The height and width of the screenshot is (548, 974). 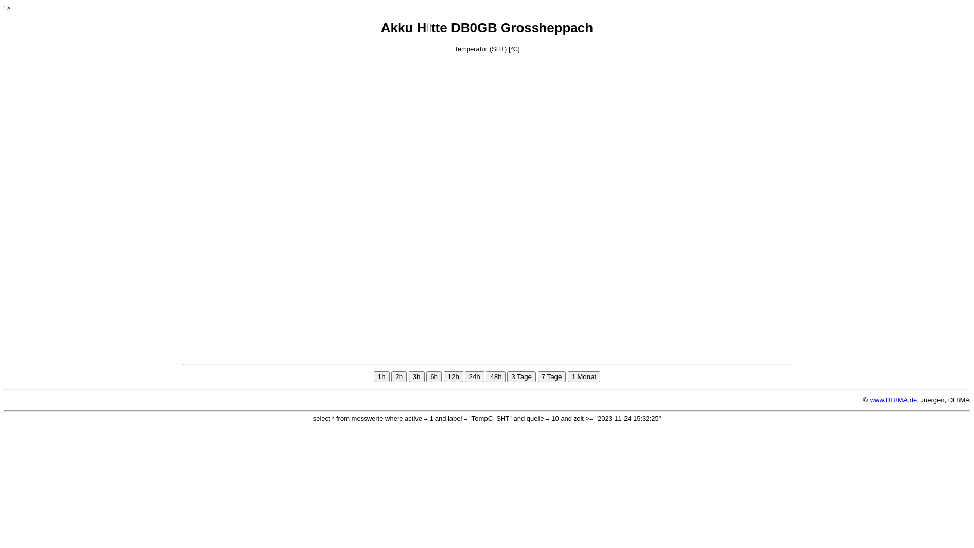 I want to click on 'www.DL8MA.de', so click(x=893, y=399).